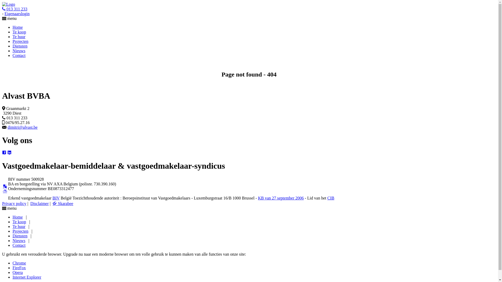 The height and width of the screenshot is (282, 502). I want to click on 'dimitri@alvast.be', so click(7, 127).